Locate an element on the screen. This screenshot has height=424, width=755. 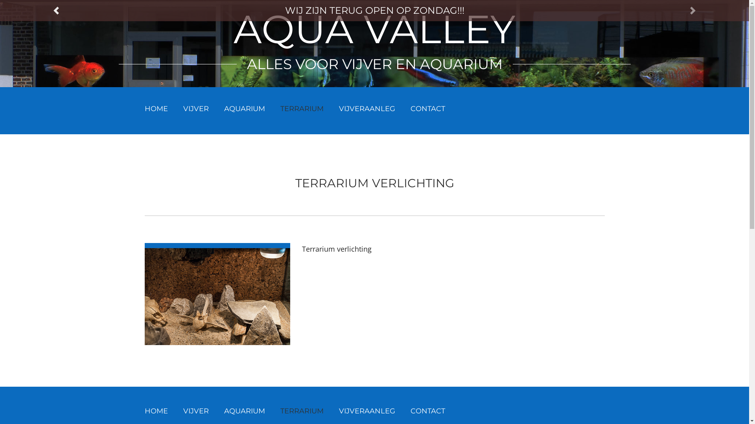
'TERRARIUM' is located at coordinates (301, 109).